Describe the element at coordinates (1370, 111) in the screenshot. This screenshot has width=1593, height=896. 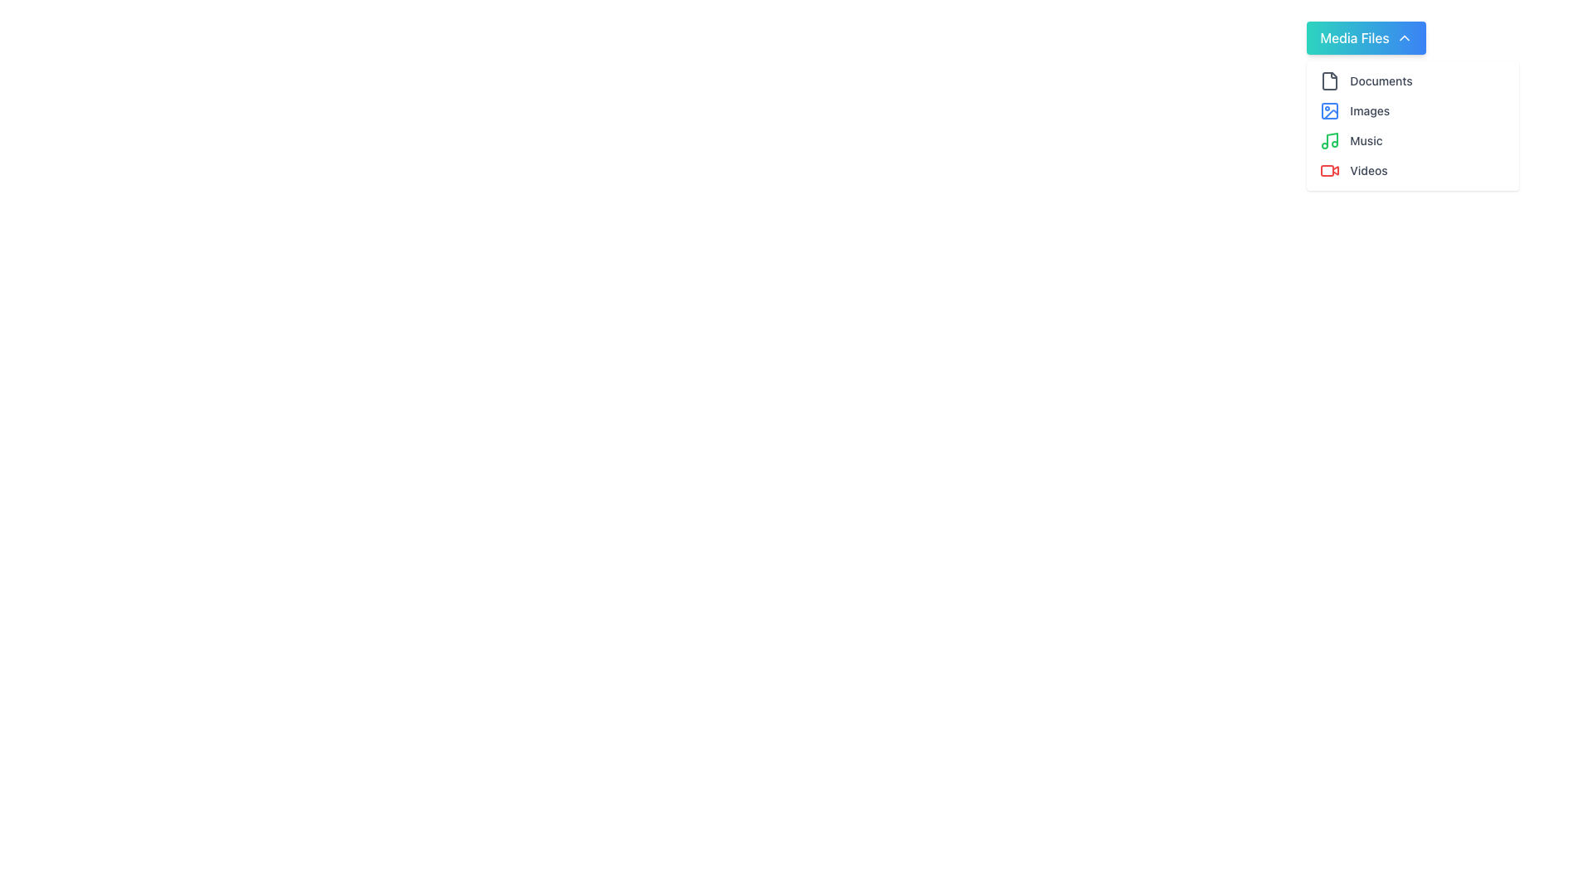
I see `the 'Images' Text Label in the 'Media Files' menu` at that location.